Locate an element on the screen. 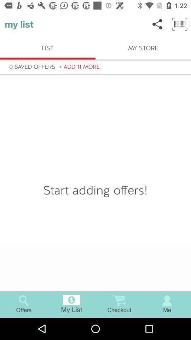 Image resolution: width=191 pixels, height=340 pixels. icon above my store is located at coordinates (157, 24).